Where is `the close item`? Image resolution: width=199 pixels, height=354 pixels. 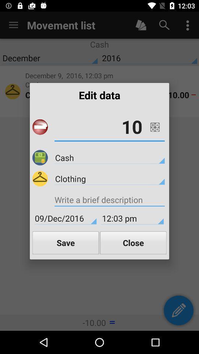 the close item is located at coordinates (133, 242).